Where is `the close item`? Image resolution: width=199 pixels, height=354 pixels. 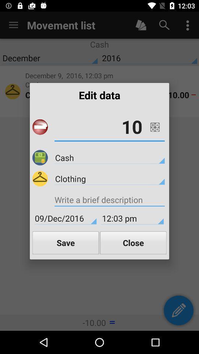 the close item is located at coordinates (133, 242).